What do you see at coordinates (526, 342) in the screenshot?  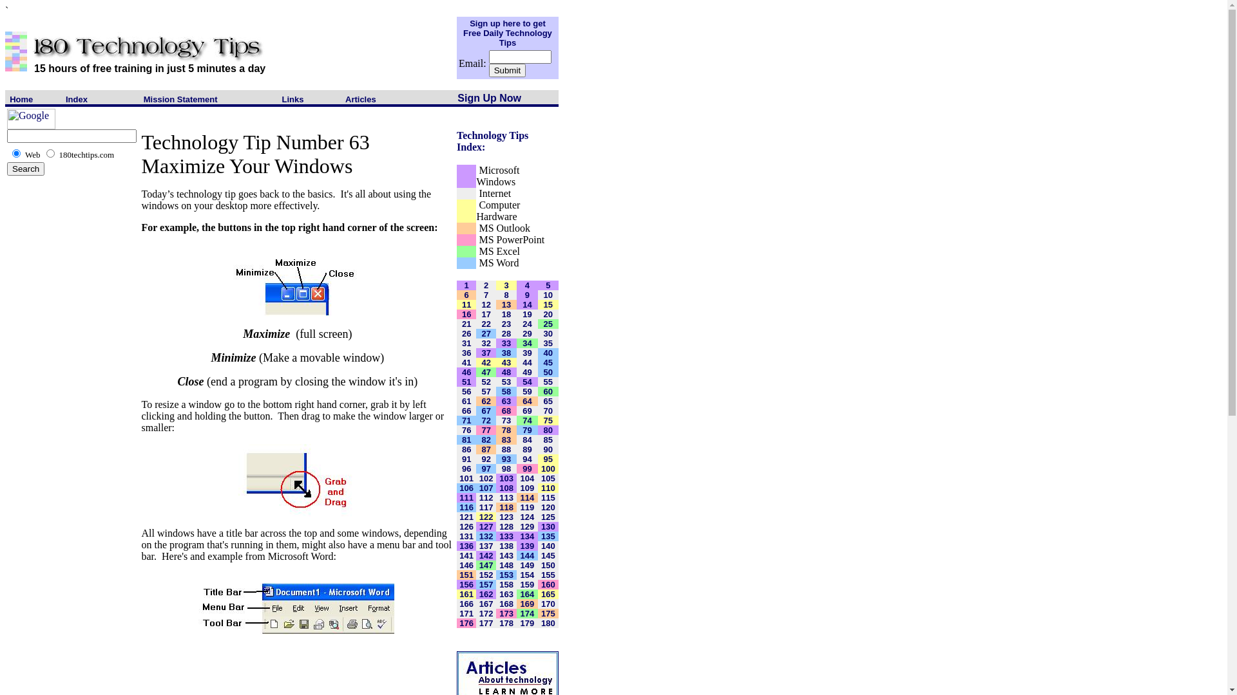 I see `'34'` at bounding box center [526, 342].